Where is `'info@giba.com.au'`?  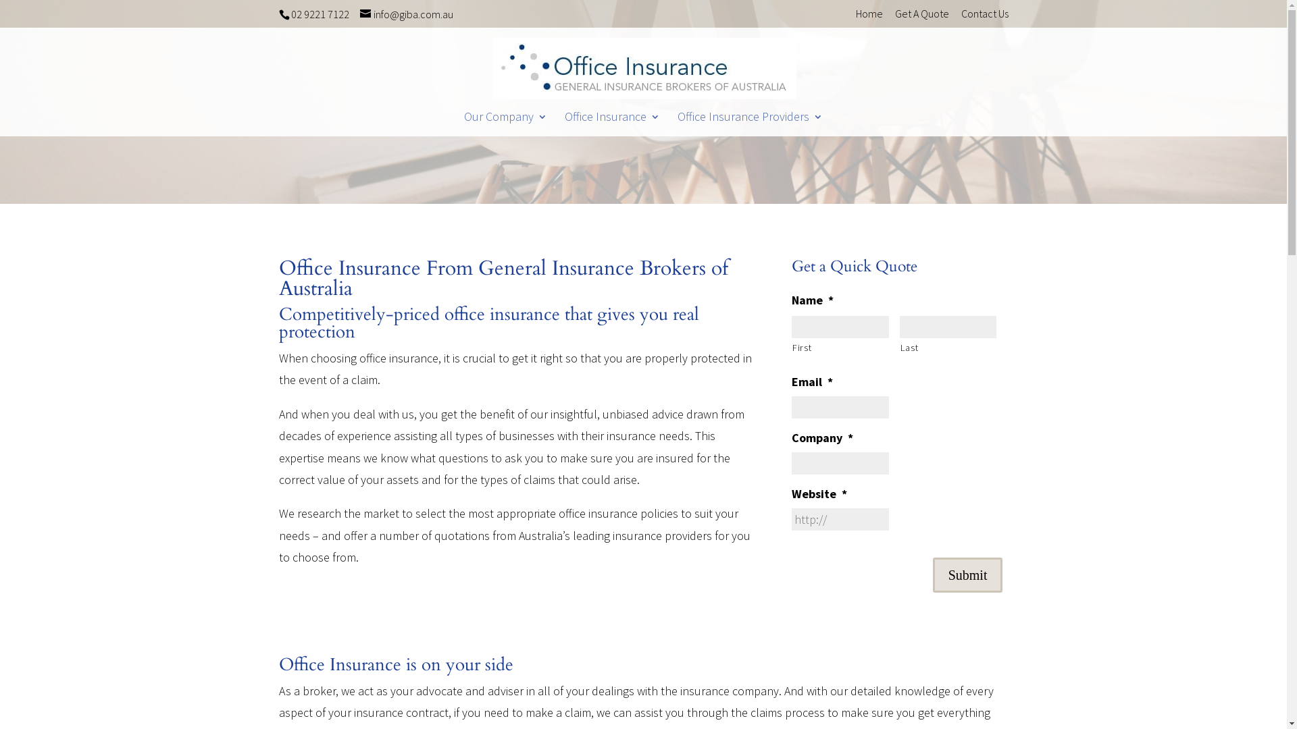 'info@giba.com.au' is located at coordinates (359, 13).